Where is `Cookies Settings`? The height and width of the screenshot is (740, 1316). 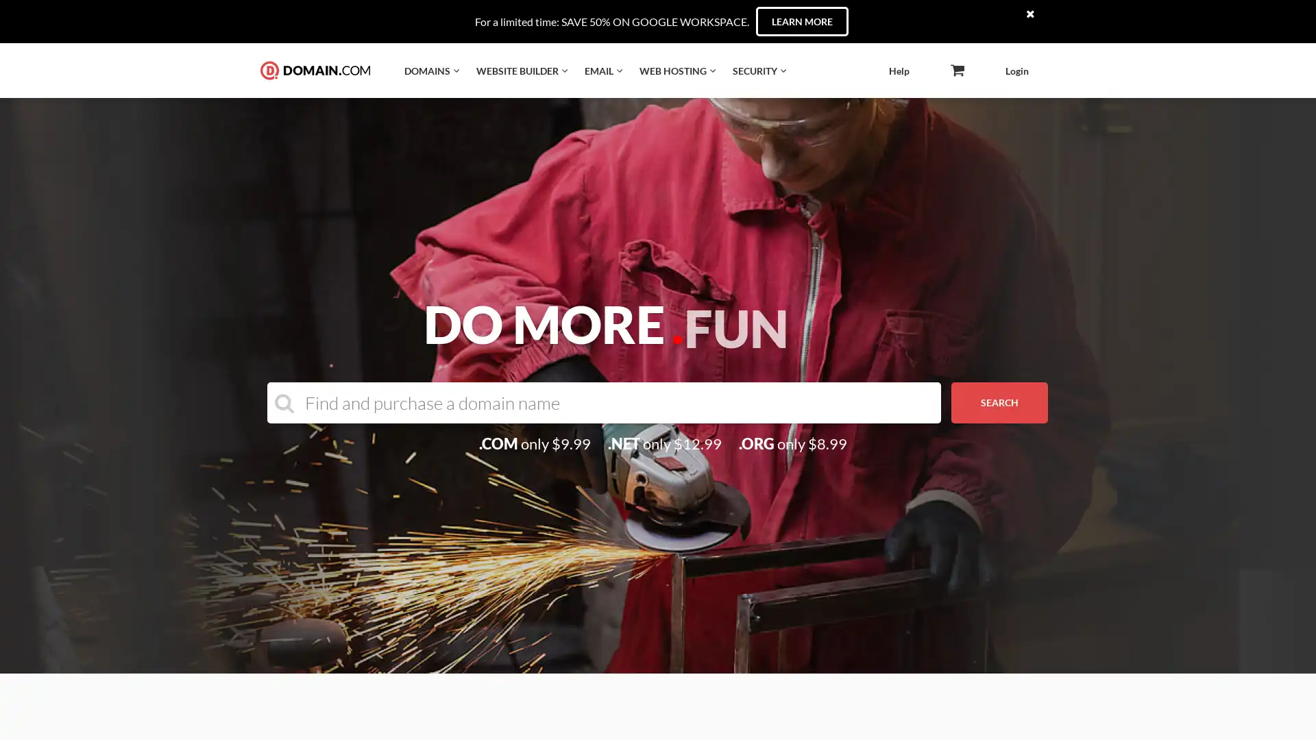 Cookies Settings is located at coordinates (139, 693).